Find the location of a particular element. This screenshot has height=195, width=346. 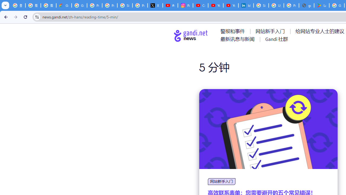

'Last Shelter: Survival - Apps on Google Play' is located at coordinates (322, 5).